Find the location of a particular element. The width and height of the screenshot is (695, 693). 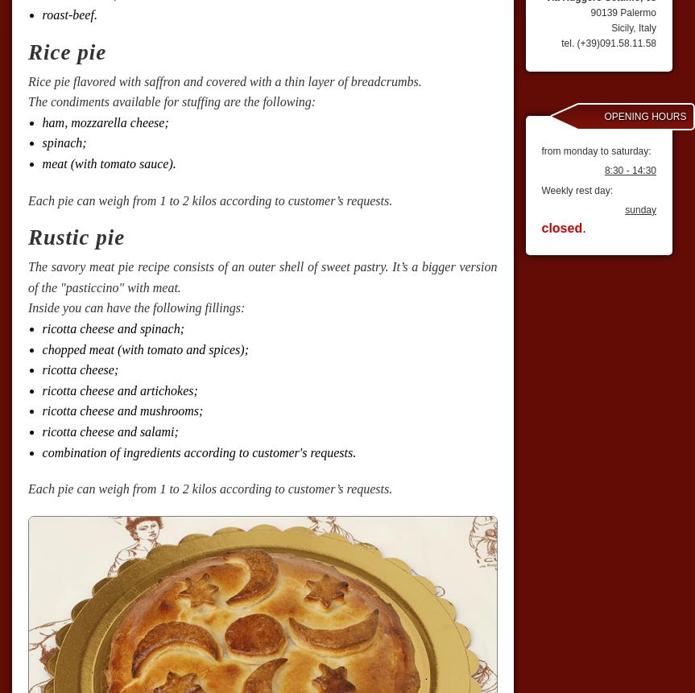

'spinach;' is located at coordinates (42, 142).